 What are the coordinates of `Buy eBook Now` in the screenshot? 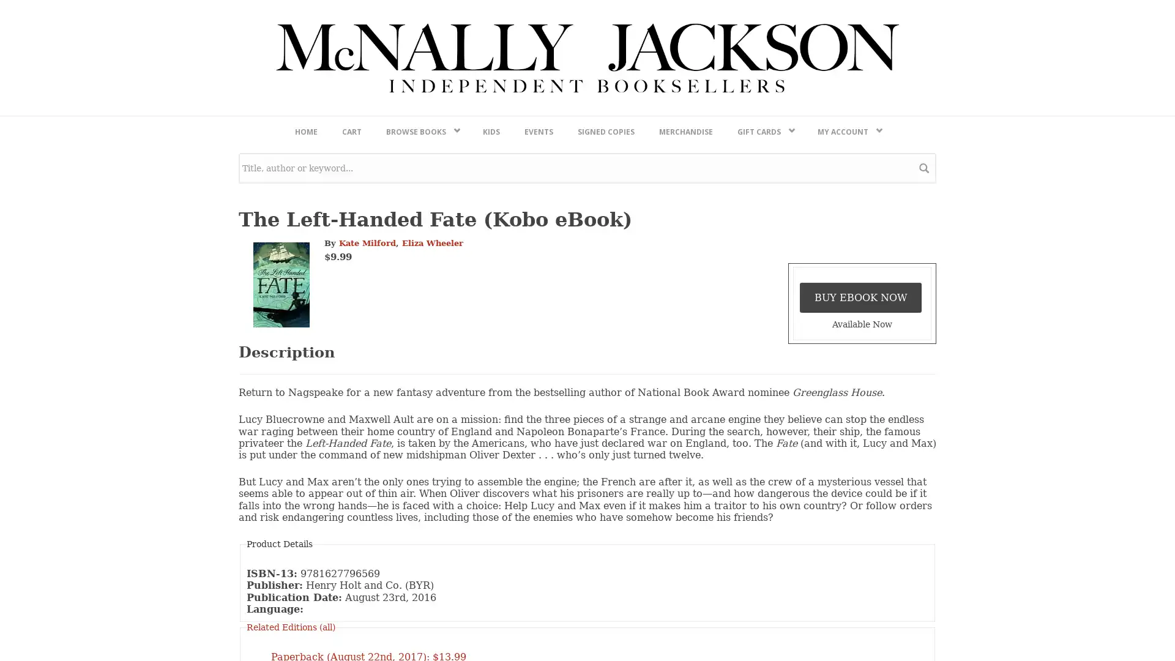 It's located at (860, 619).